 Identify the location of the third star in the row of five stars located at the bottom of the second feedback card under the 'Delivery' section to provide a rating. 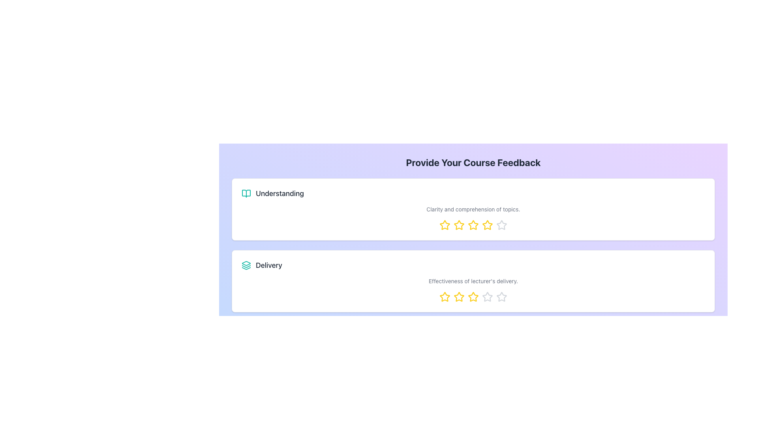
(473, 368).